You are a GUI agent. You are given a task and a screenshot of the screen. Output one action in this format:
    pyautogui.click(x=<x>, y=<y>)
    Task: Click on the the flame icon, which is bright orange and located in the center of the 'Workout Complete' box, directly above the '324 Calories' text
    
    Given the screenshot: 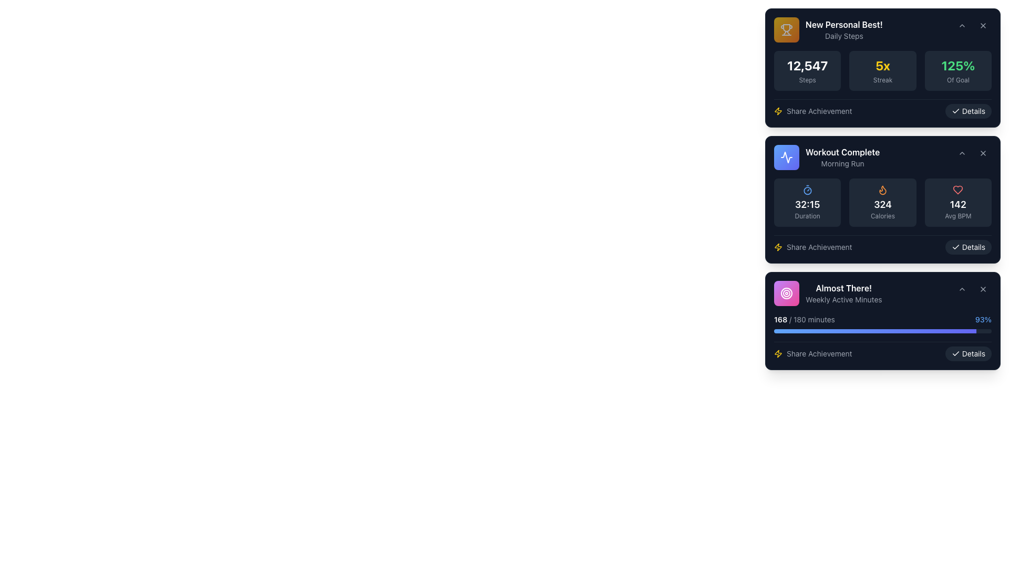 What is the action you would take?
    pyautogui.click(x=883, y=190)
    